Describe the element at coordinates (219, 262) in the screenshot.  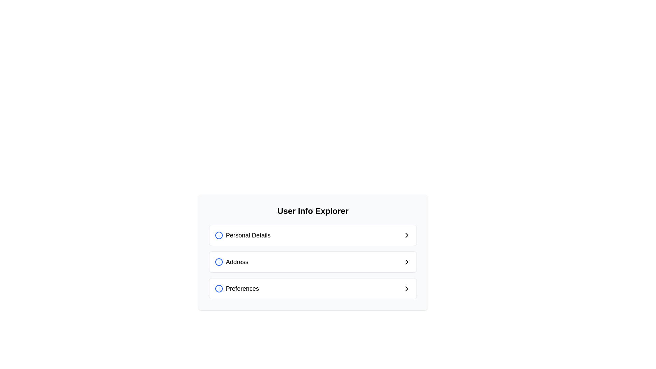
I see `the circular 'information' icon with a blue outline located to the left of the 'Address' text in the second row of the vertically stacked menu` at that location.